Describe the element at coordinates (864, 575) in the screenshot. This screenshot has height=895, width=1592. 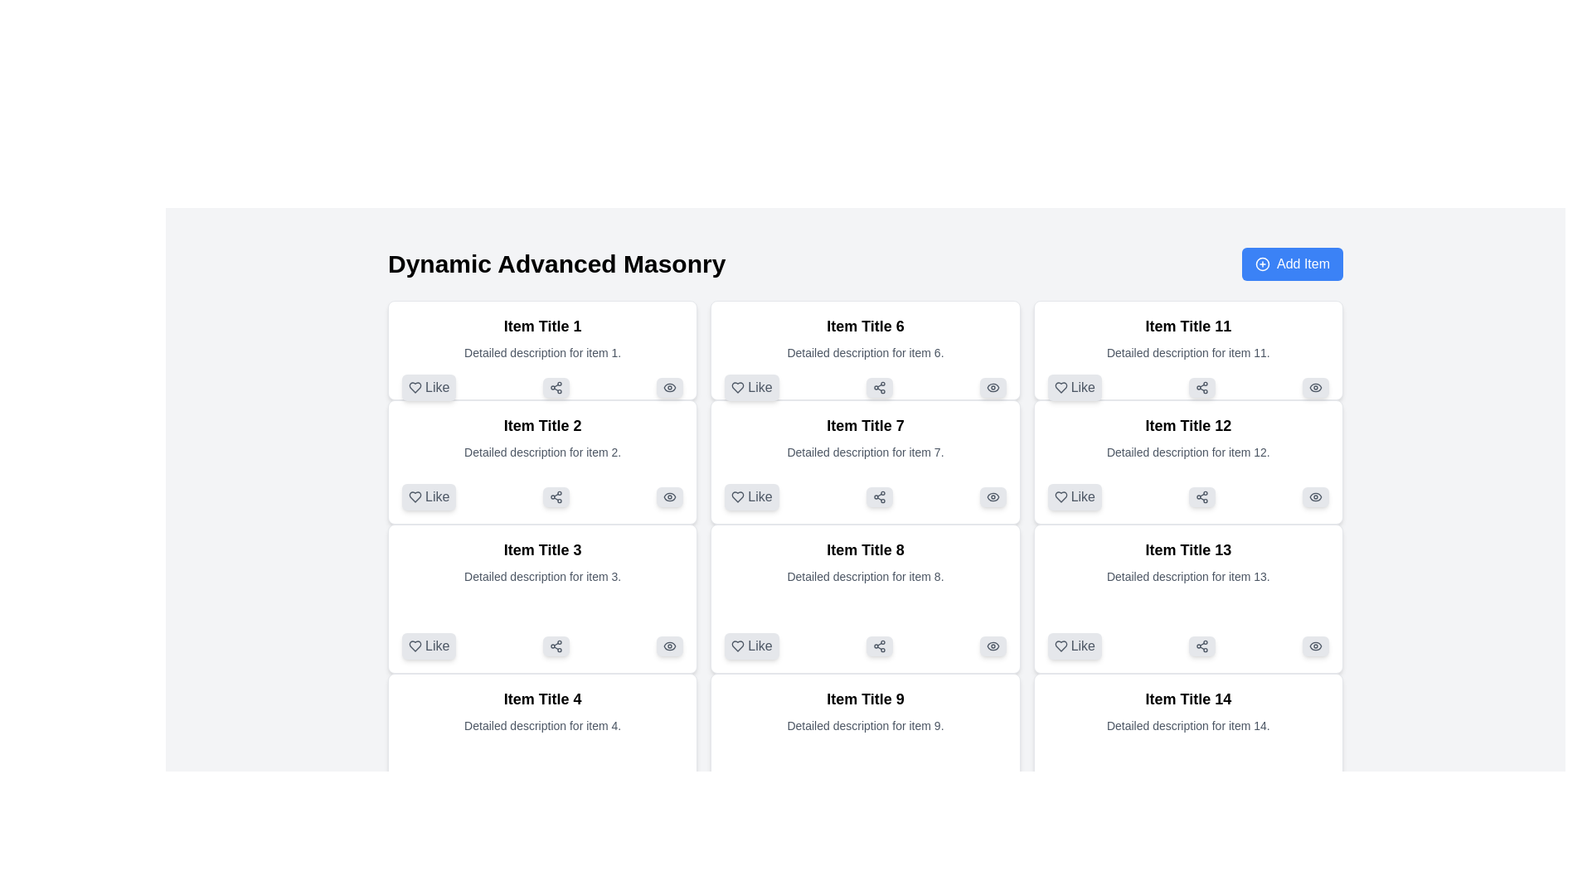
I see `descriptive text that reads 'Detailed description for item 8.' located under the heading 'Item Title 8' in the middle column and third row of a three-column grid layout` at that location.